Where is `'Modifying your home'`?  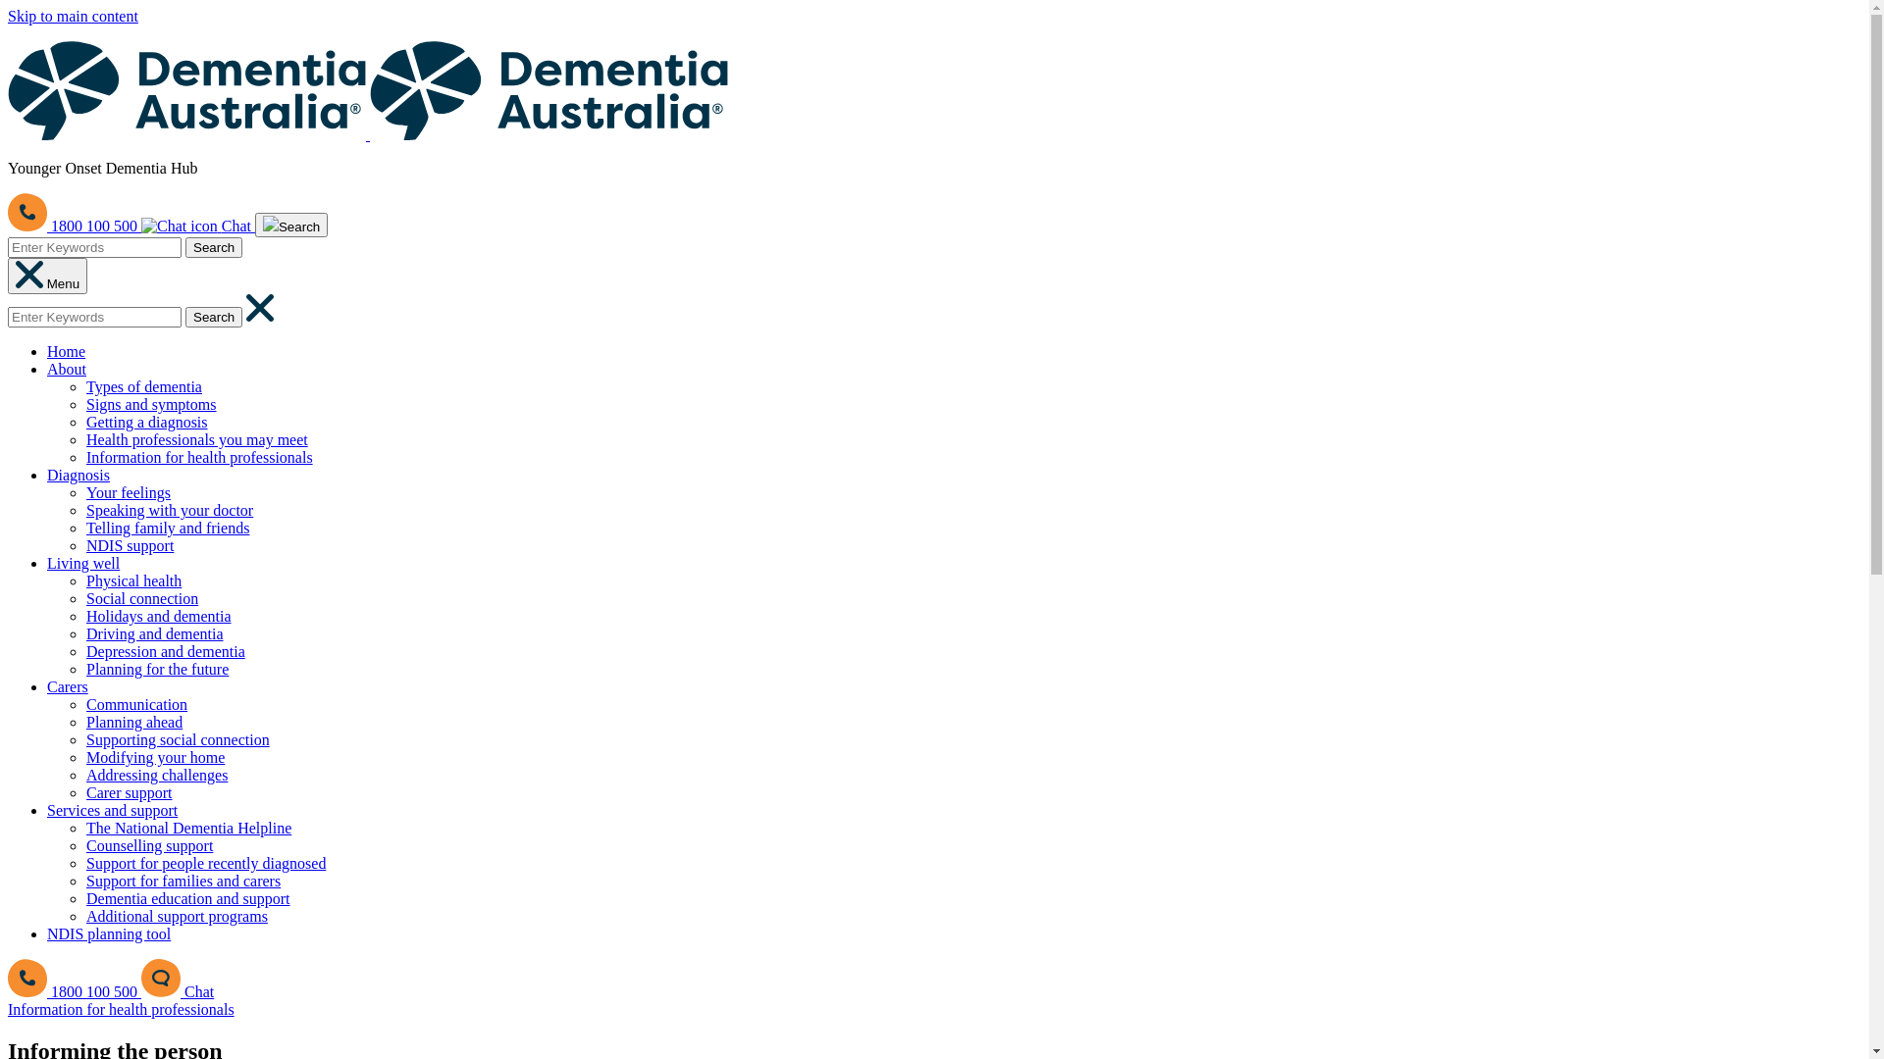 'Modifying your home' is located at coordinates (154, 756).